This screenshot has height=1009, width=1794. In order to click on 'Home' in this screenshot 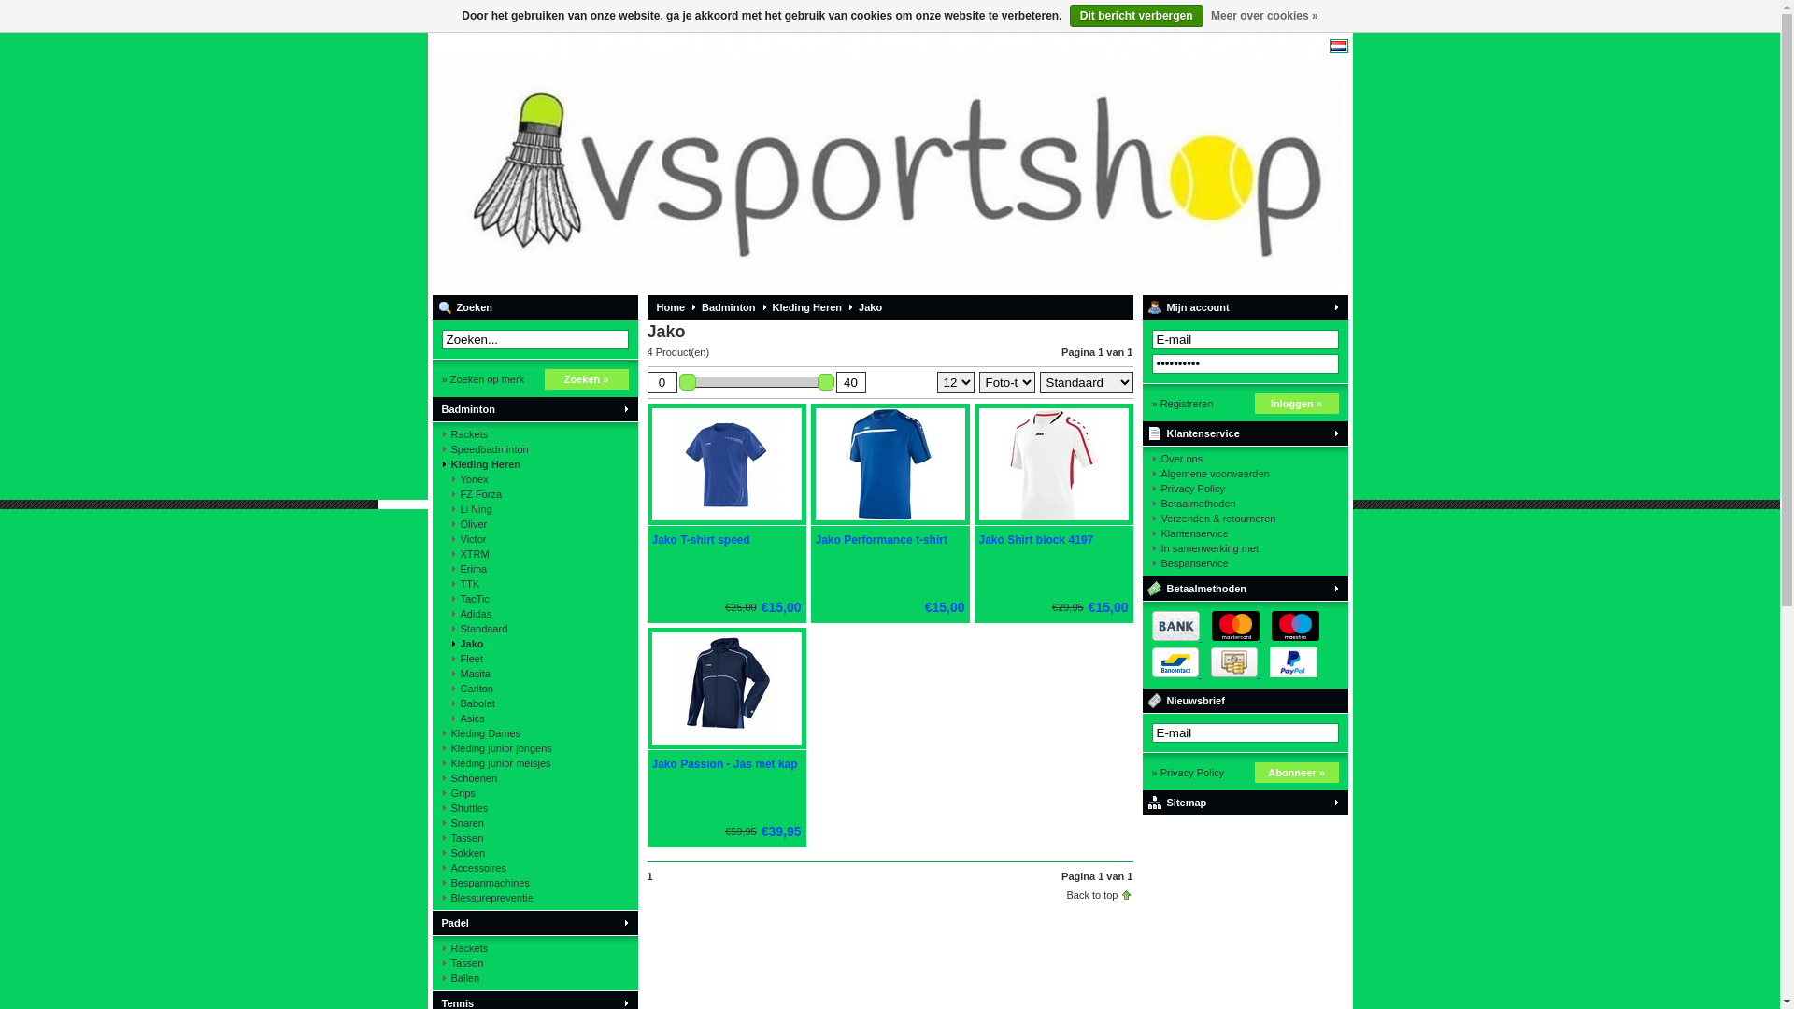, I will do `click(665, 306)`.